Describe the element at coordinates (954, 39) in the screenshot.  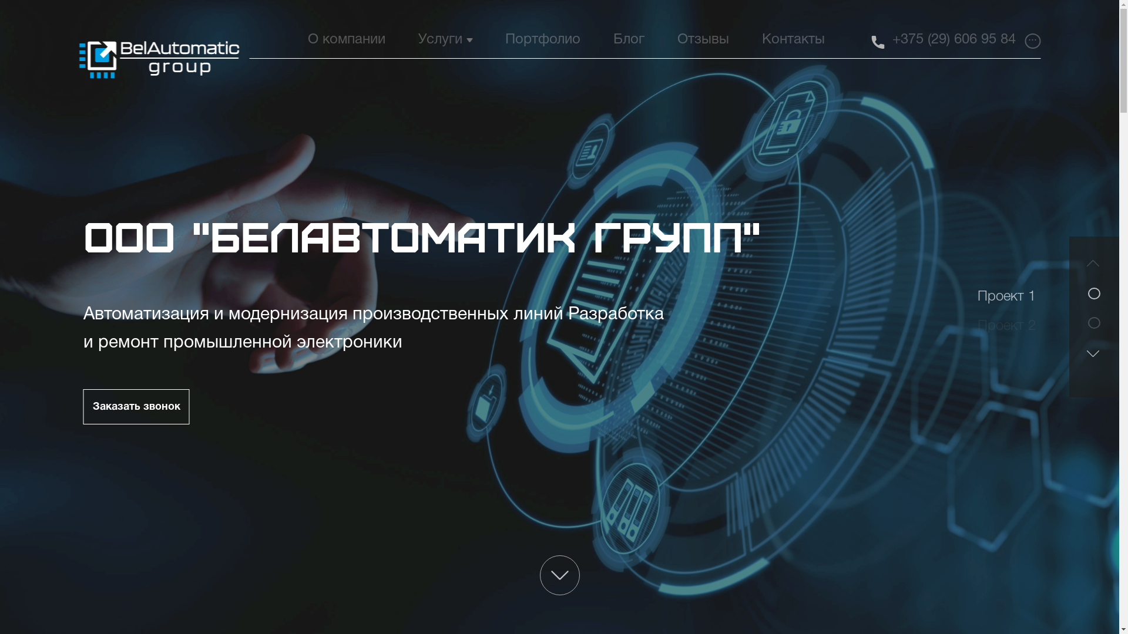
I see `'+375 (29) 606 95 84'` at that location.